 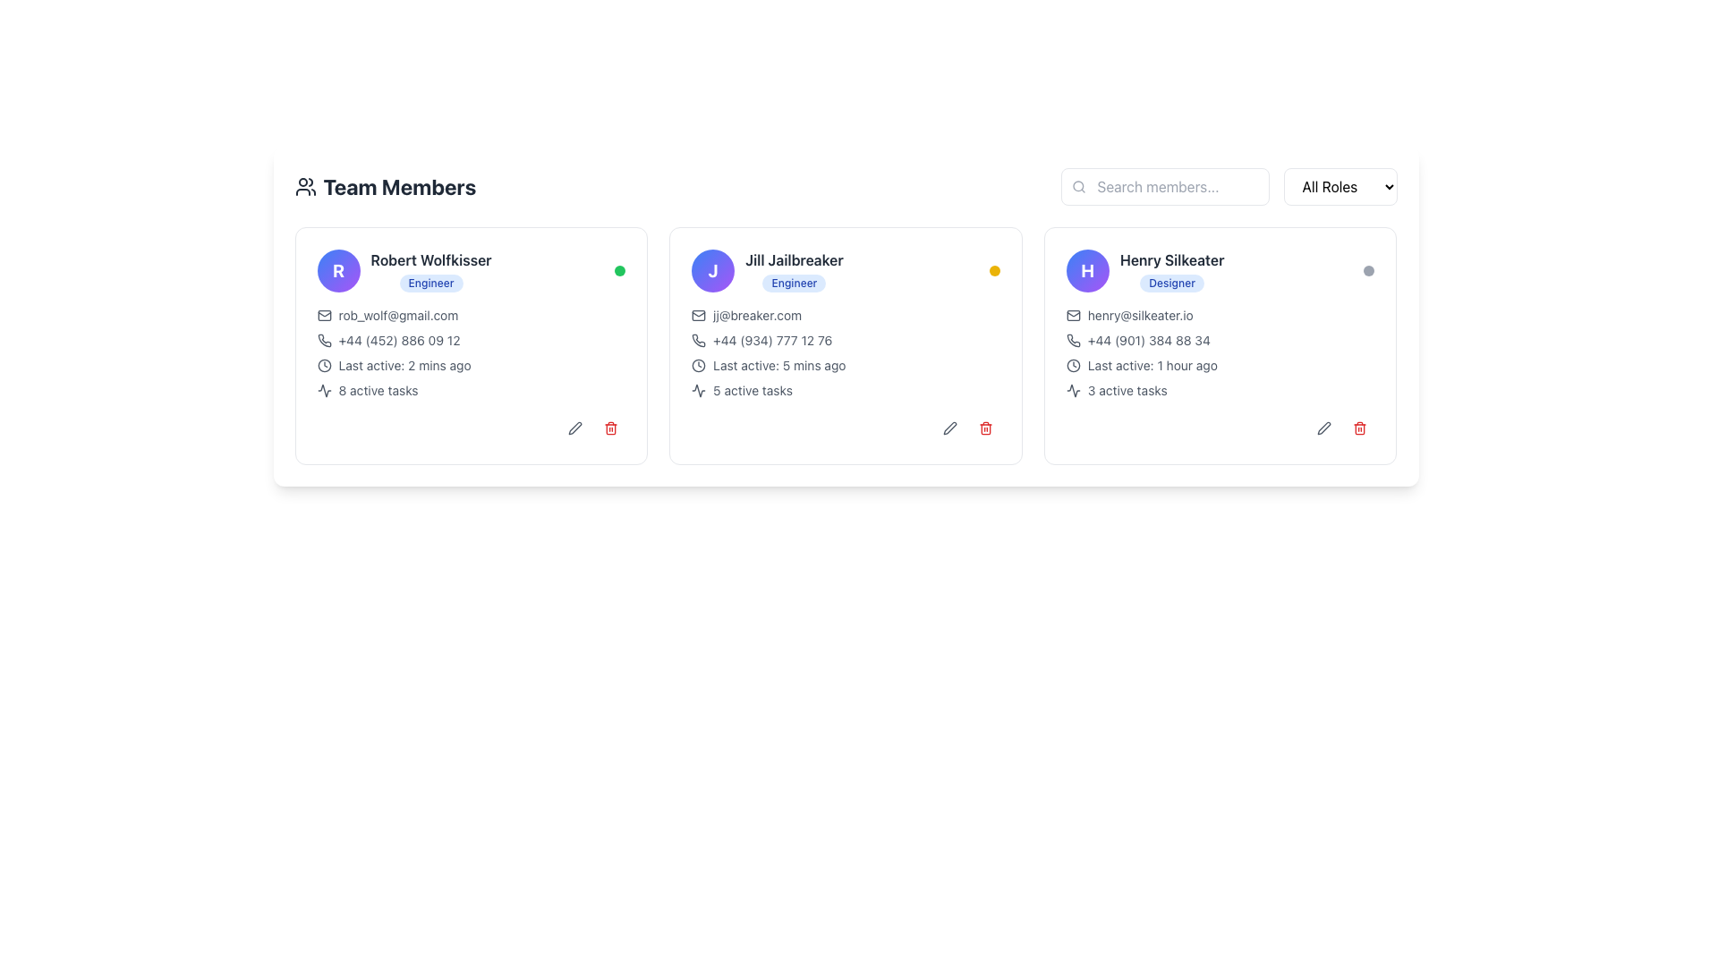 What do you see at coordinates (324, 364) in the screenshot?
I see `the circular clock icon with a hollow design, which is located directly to the left of the 'Last active: 2 mins ago' text` at bounding box center [324, 364].